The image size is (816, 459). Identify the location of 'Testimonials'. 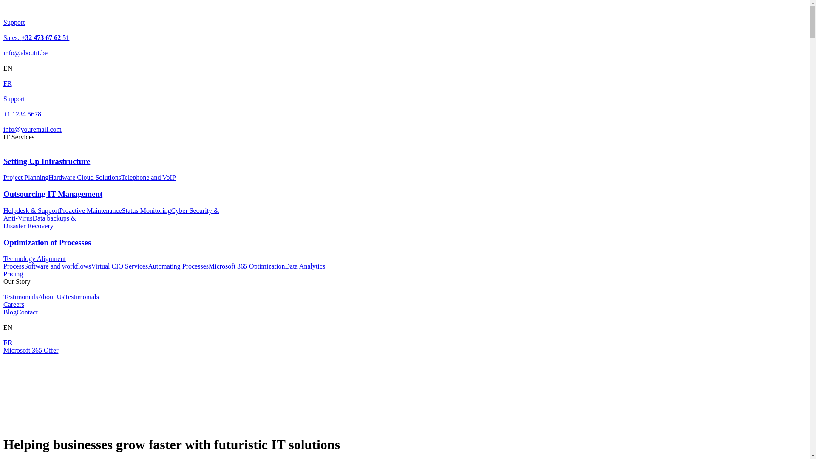
(20, 296).